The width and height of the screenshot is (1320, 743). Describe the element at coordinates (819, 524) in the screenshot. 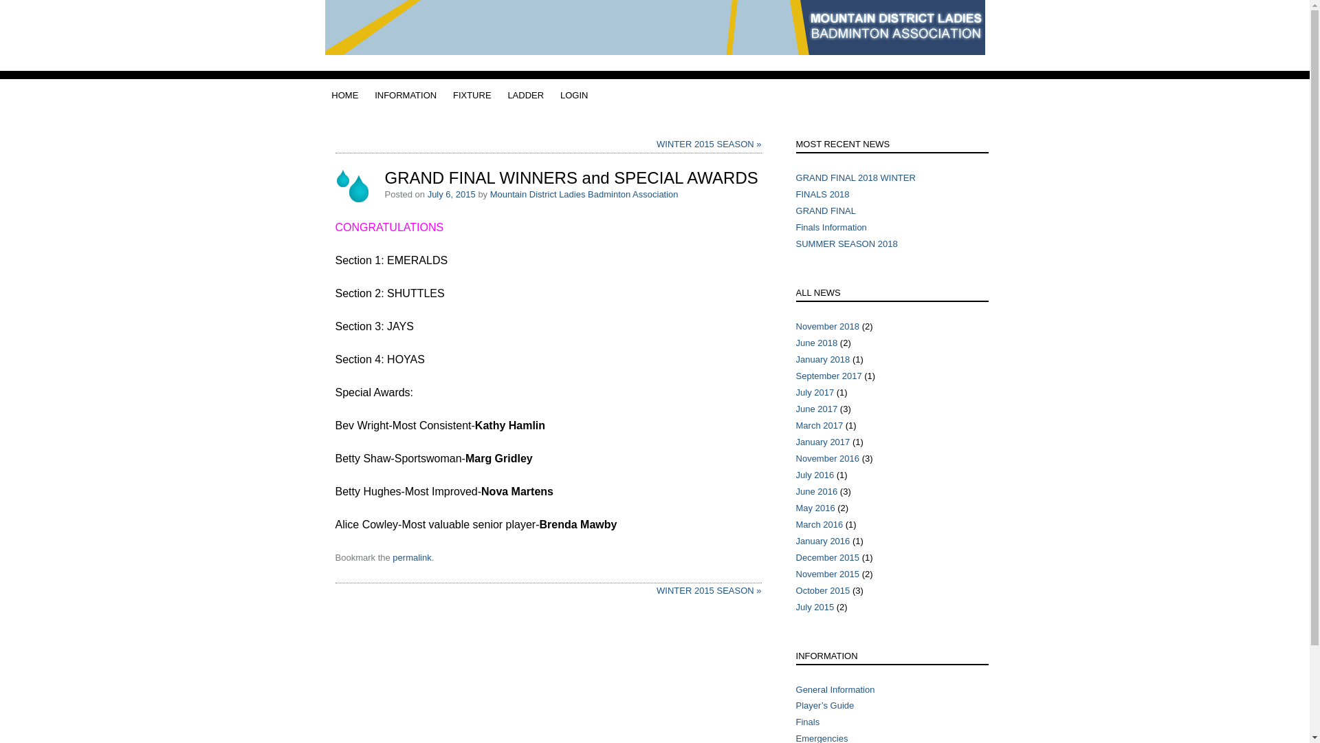

I see `'March 2016'` at that location.